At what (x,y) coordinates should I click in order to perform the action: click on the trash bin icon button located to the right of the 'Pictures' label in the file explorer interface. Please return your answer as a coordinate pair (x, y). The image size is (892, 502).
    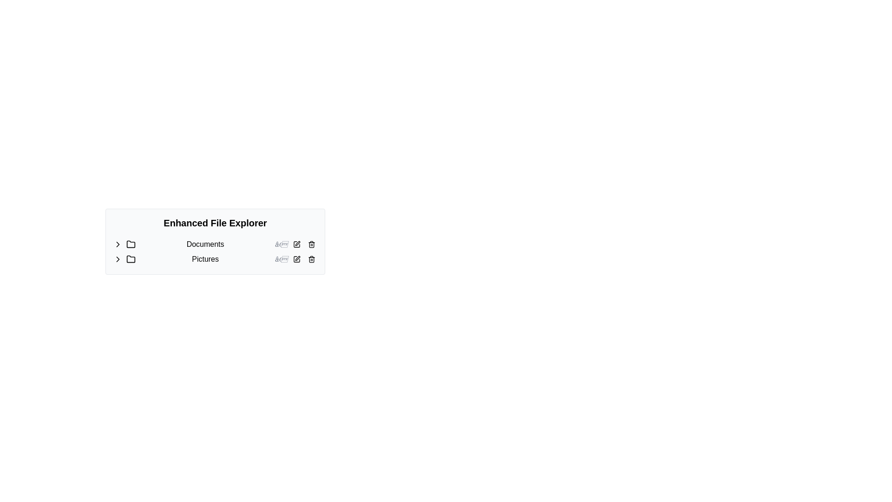
    Looking at the image, I should click on (312, 259).